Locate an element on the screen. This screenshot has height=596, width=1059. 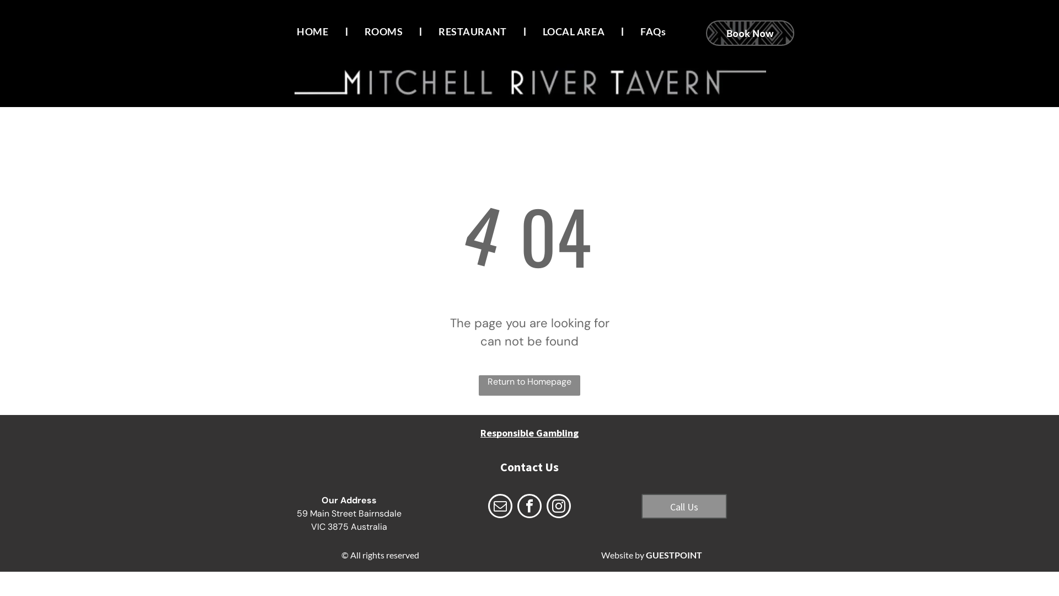
'FAQs' is located at coordinates (624, 31).